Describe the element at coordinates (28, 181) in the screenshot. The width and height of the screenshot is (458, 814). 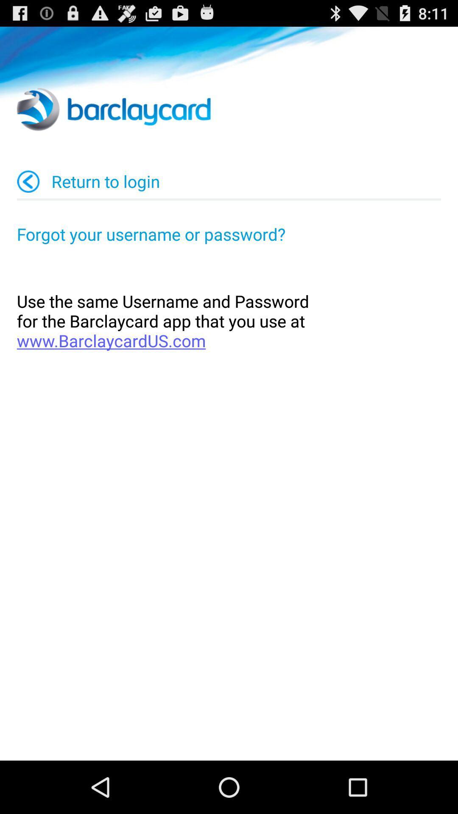
I see `app next to the return to login icon` at that location.